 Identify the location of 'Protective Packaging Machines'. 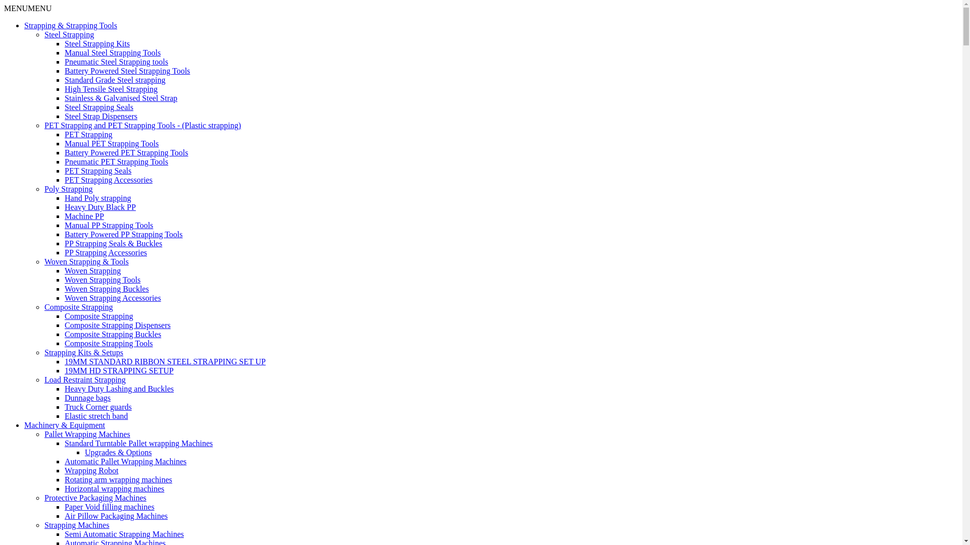
(95, 497).